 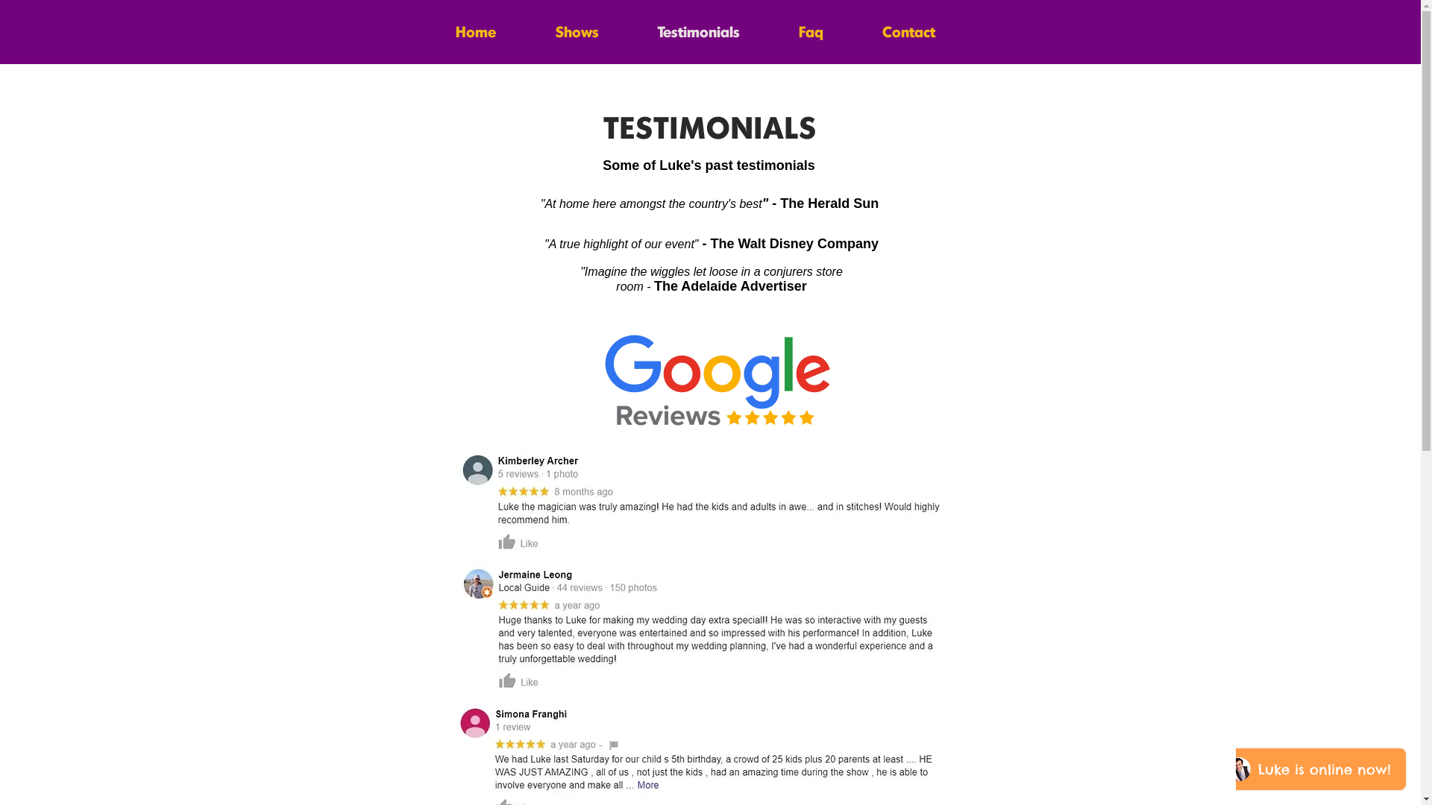 I want to click on 'Shows', so click(x=575, y=28).